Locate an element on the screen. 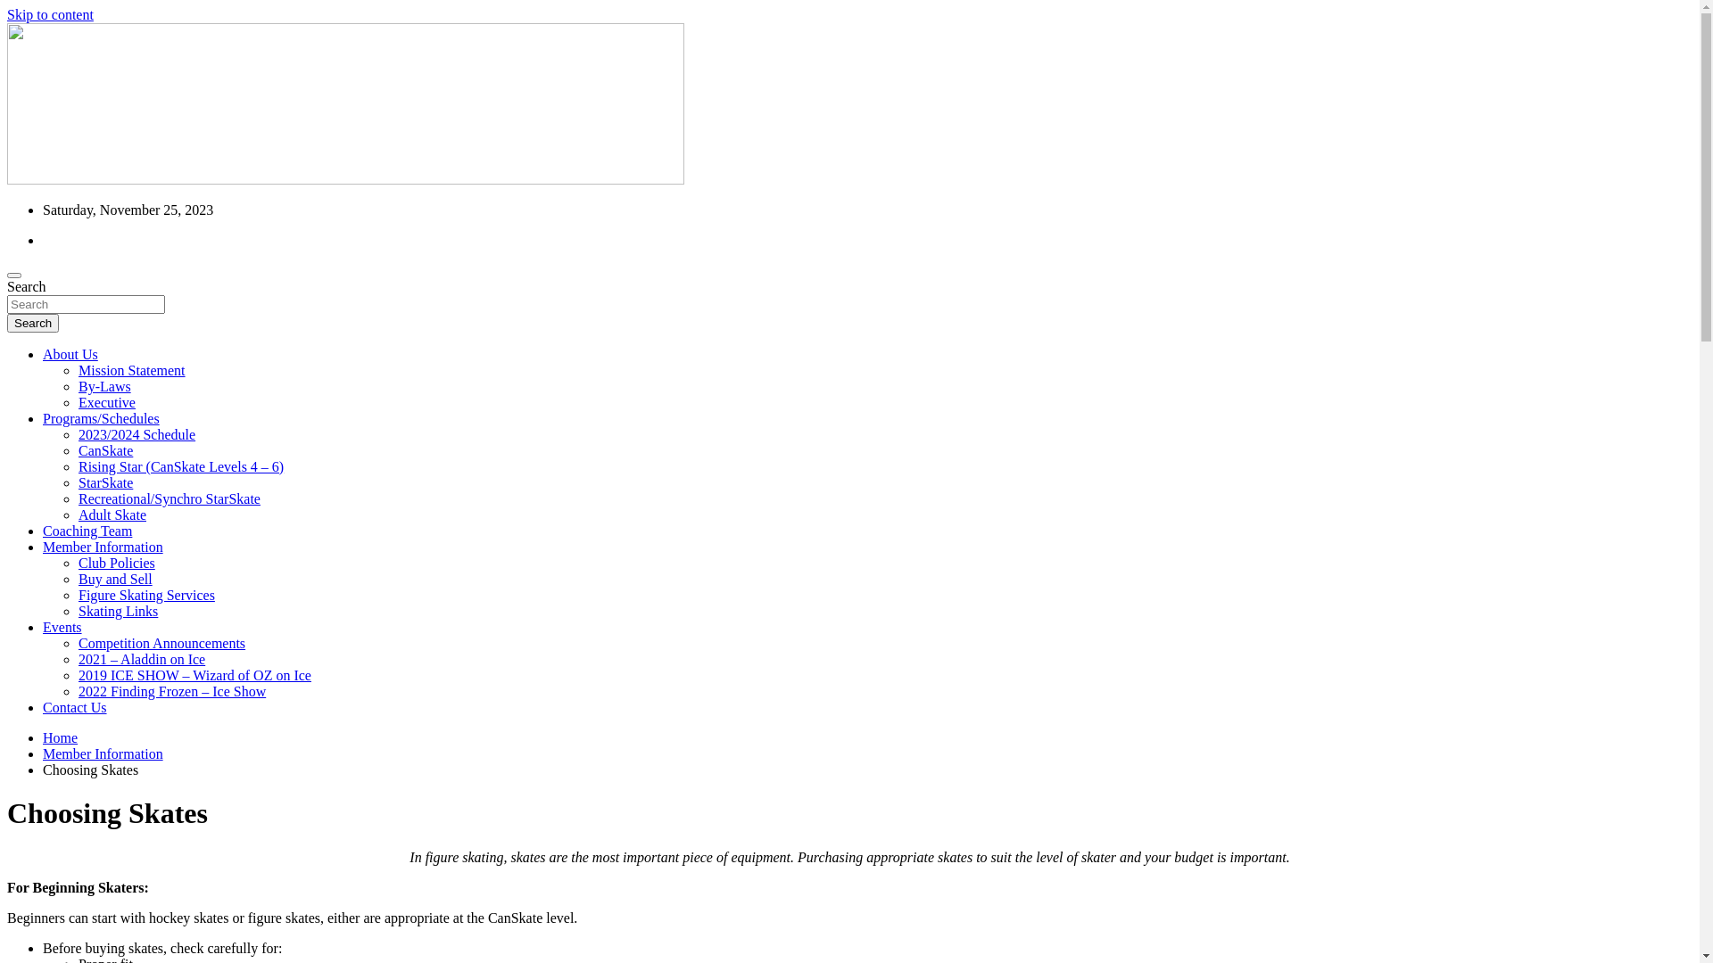 The height and width of the screenshot is (963, 1713). 'Buy and Sell' is located at coordinates (77, 579).